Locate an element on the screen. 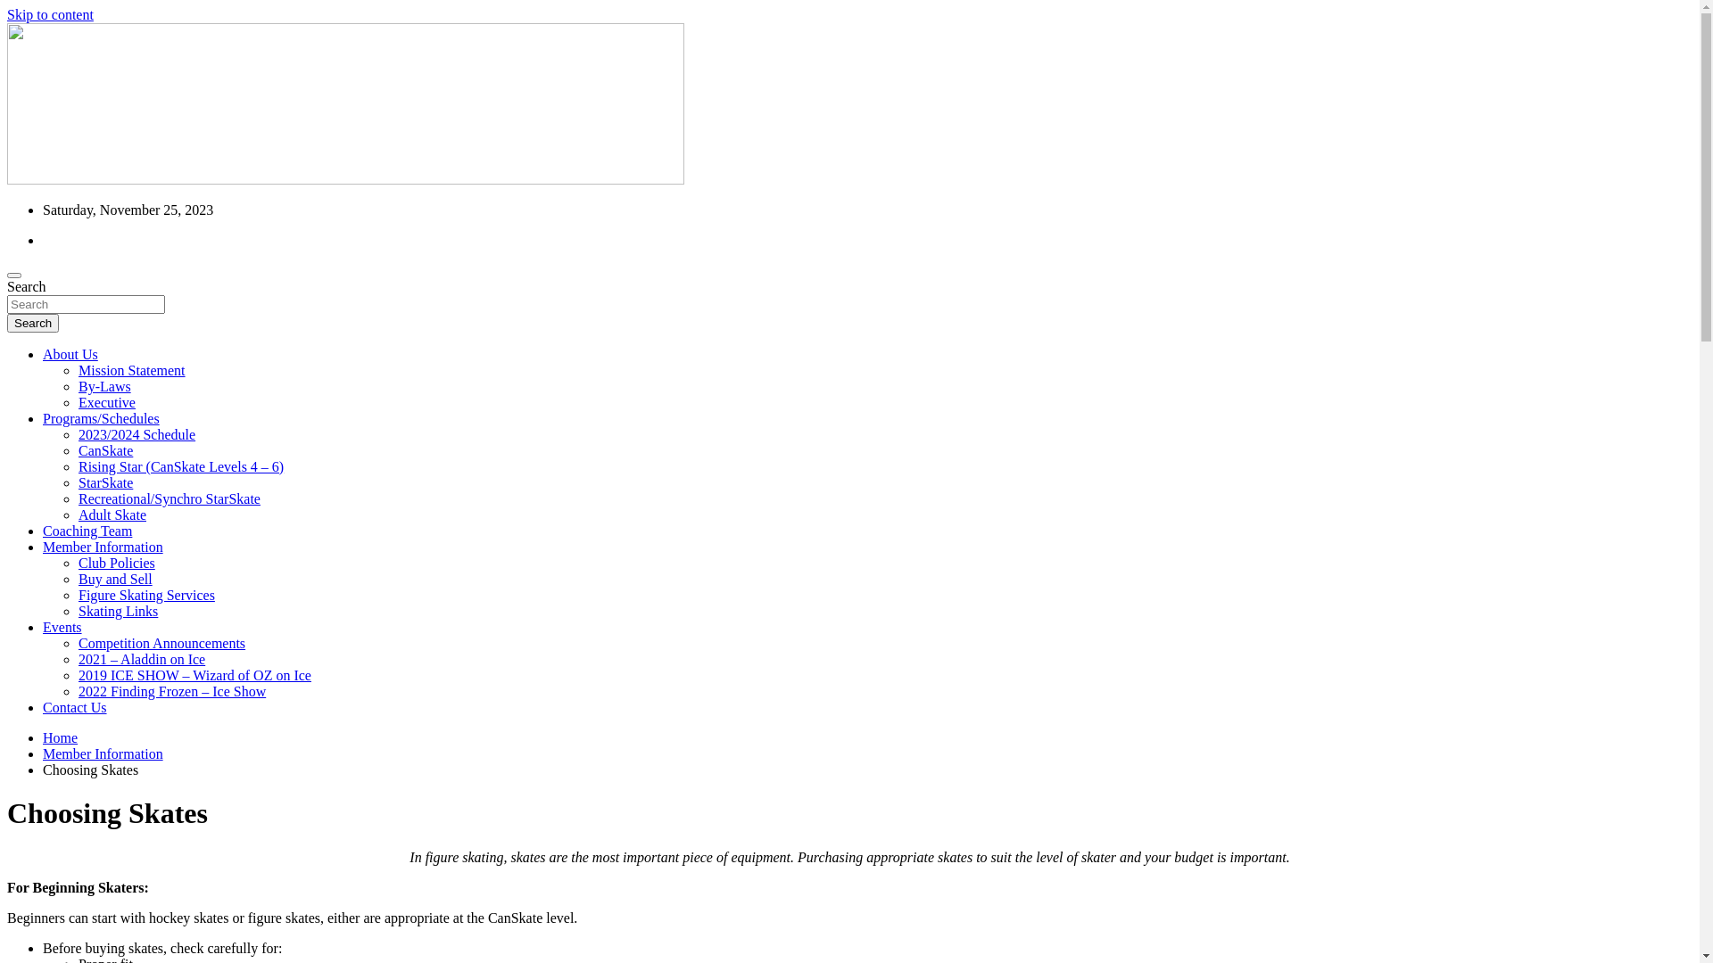 The height and width of the screenshot is (963, 1713). 'Buy and Sell' is located at coordinates (77, 579).